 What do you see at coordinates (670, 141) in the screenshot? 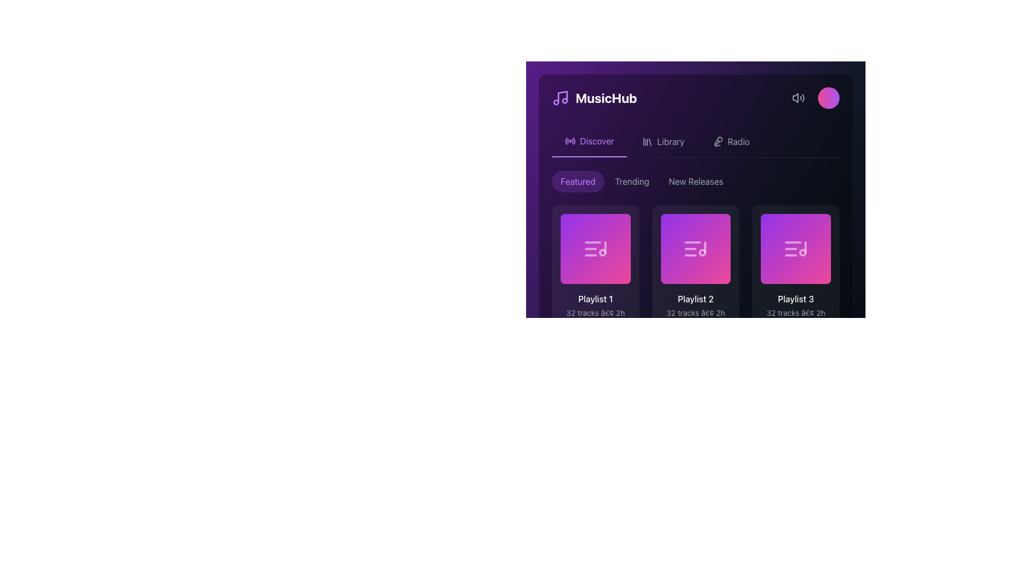
I see `on the 'Library' text label link located in the navigation menu, which is styled in gray and positioned between 'Discover' and 'Radio'` at bounding box center [670, 141].